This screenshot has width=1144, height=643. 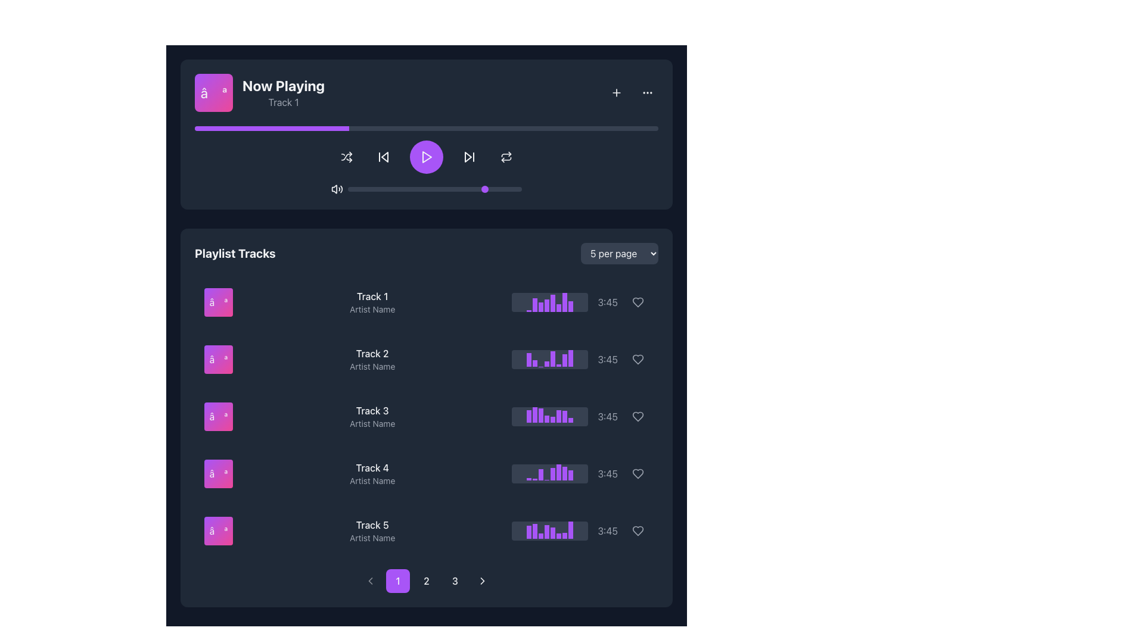 What do you see at coordinates (391, 188) in the screenshot?
I see `the slider` at bounding box center [391, 188].